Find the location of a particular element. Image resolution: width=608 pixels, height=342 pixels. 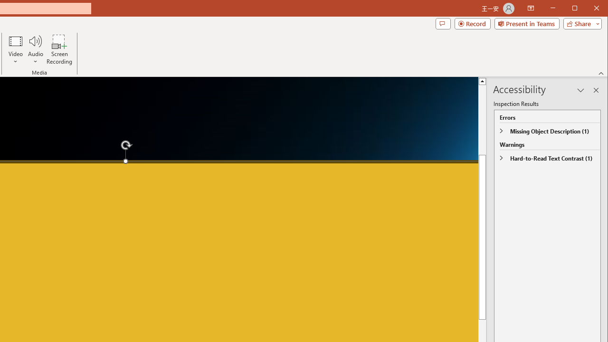

'Task Pane Options' is located at coordinates (580, 90).